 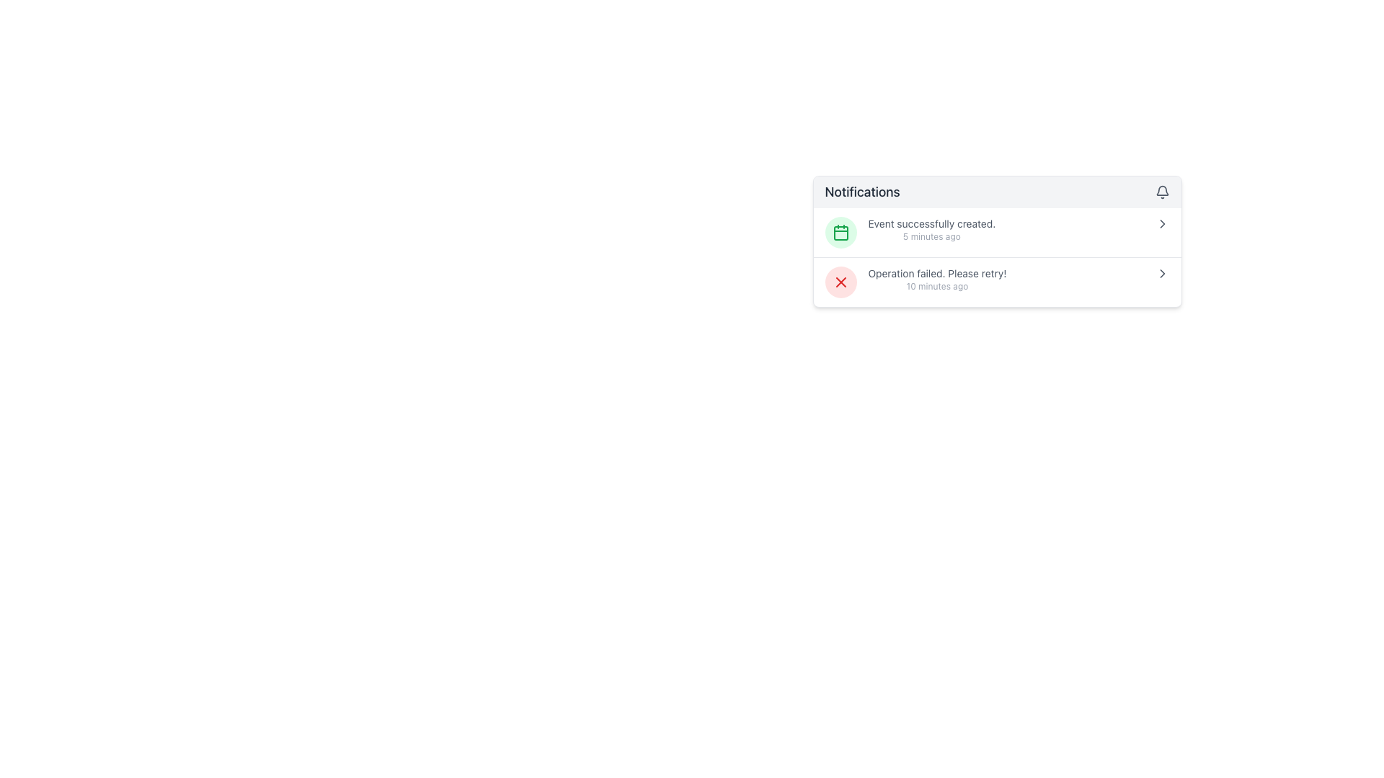 I want to click on the notification settings button located at the far-right end of the header bar, so click(x=1162, y=191).